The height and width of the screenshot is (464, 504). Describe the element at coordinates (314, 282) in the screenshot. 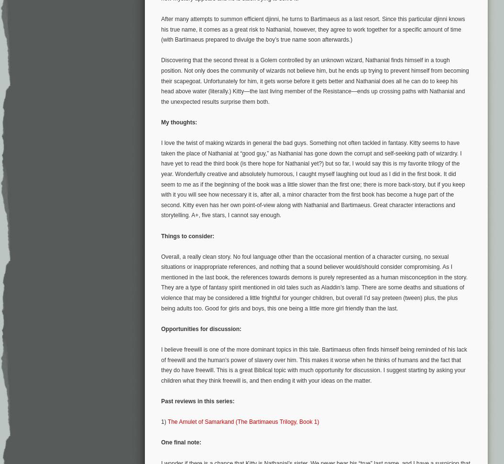

I see `'Overall, a really clean story. No foul language other than the occasional mention of a character cursing, no sexual situations or inappropriate references, and nothing that a sound believer would/should consider compromising. As I mentioned in the last book, the references towards demons is purely represented as a human misconception in the story. They are a type of fantasy spirit mentioned in old tales such as Aladdin’s lamp. There are some deaths and situations of violence that may be considered a little frightful for younger children, but overall I’d say preteen (tween) plus, the plus being adults too. Good for girls and boys, this one being a little more girl friendly than the last.'` at that location.